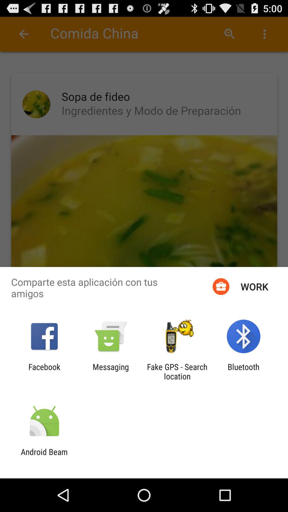 This screenshot has width=288, height=512. What do you see at coordinates (243, 371) in the screenshot?
I see `app next to the fake gps search app` at bounding box center [243, 371].